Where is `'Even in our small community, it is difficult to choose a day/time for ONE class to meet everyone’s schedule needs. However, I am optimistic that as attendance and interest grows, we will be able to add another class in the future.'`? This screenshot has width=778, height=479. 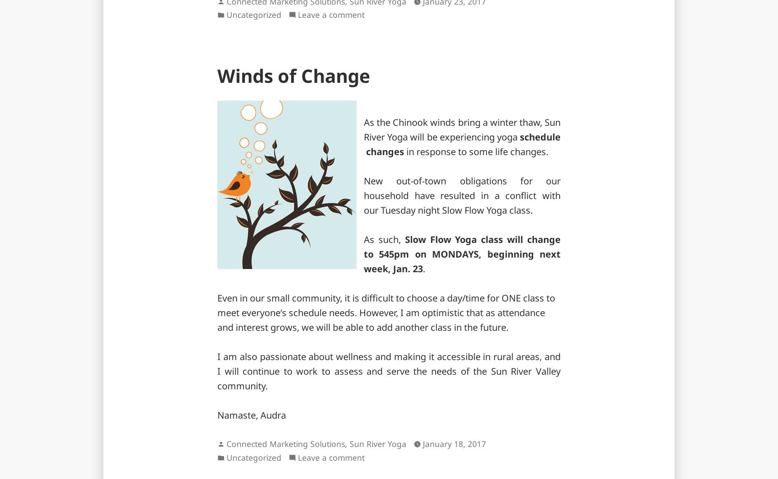 'Even in our small community, it is difficult to choose a day/time for ONE class to meet everyone’s schedule needs. However, I am optimistic that as attendance and interest grows, we will be able to add another class in the future.' is located at coordinates (386, 312).